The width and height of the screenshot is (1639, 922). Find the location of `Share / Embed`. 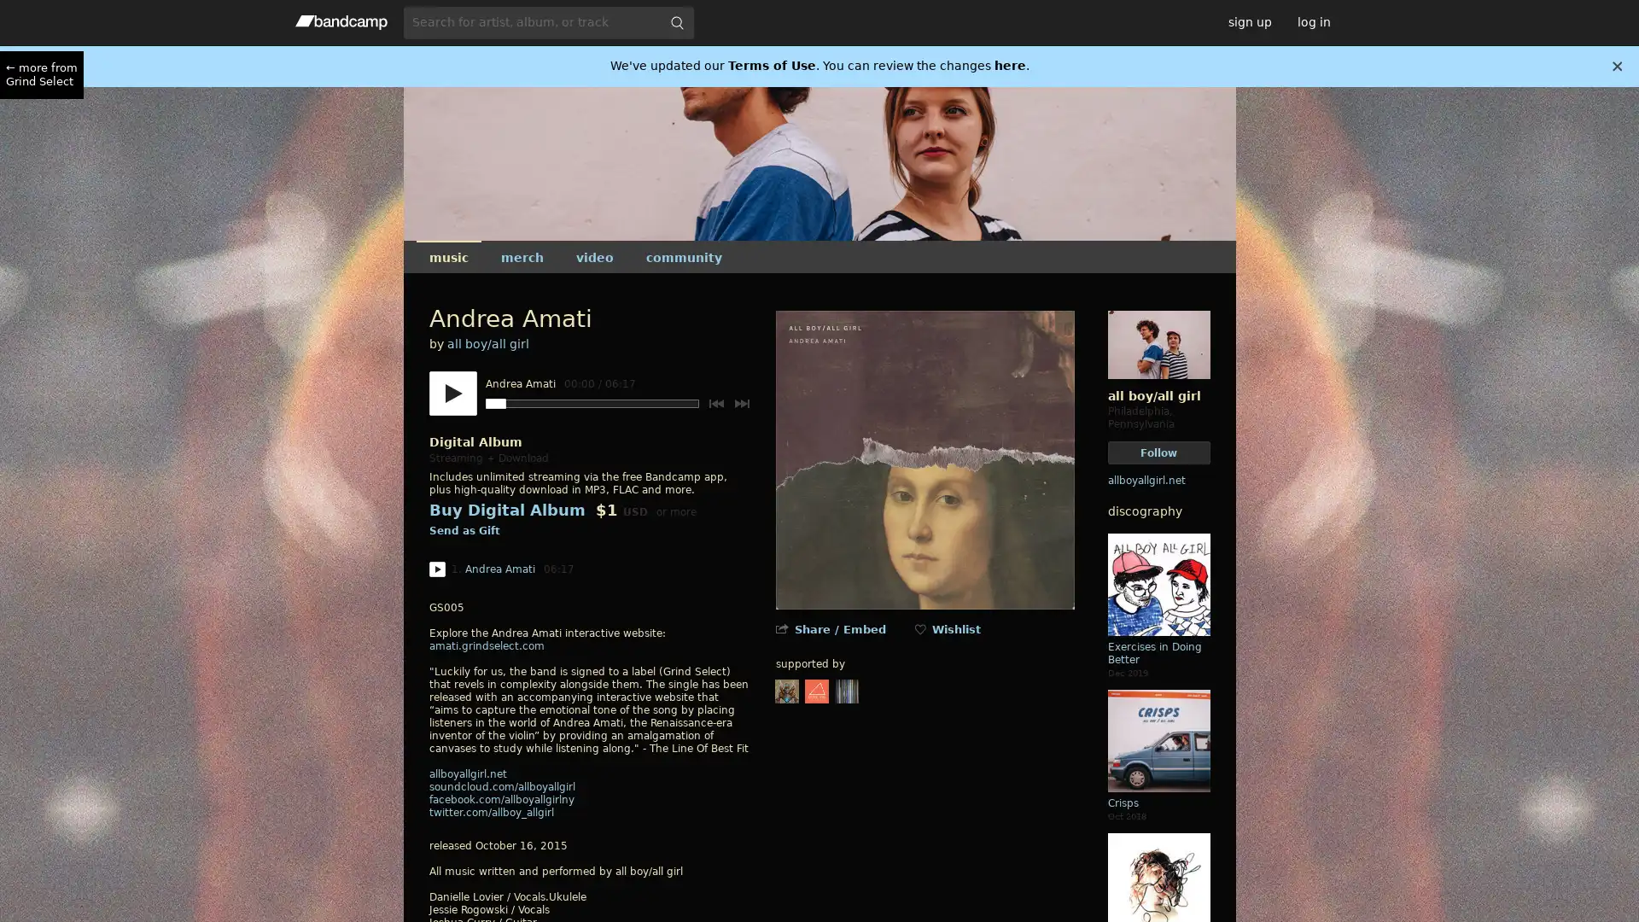

Share / Embed is located at coordinates (839, 629).